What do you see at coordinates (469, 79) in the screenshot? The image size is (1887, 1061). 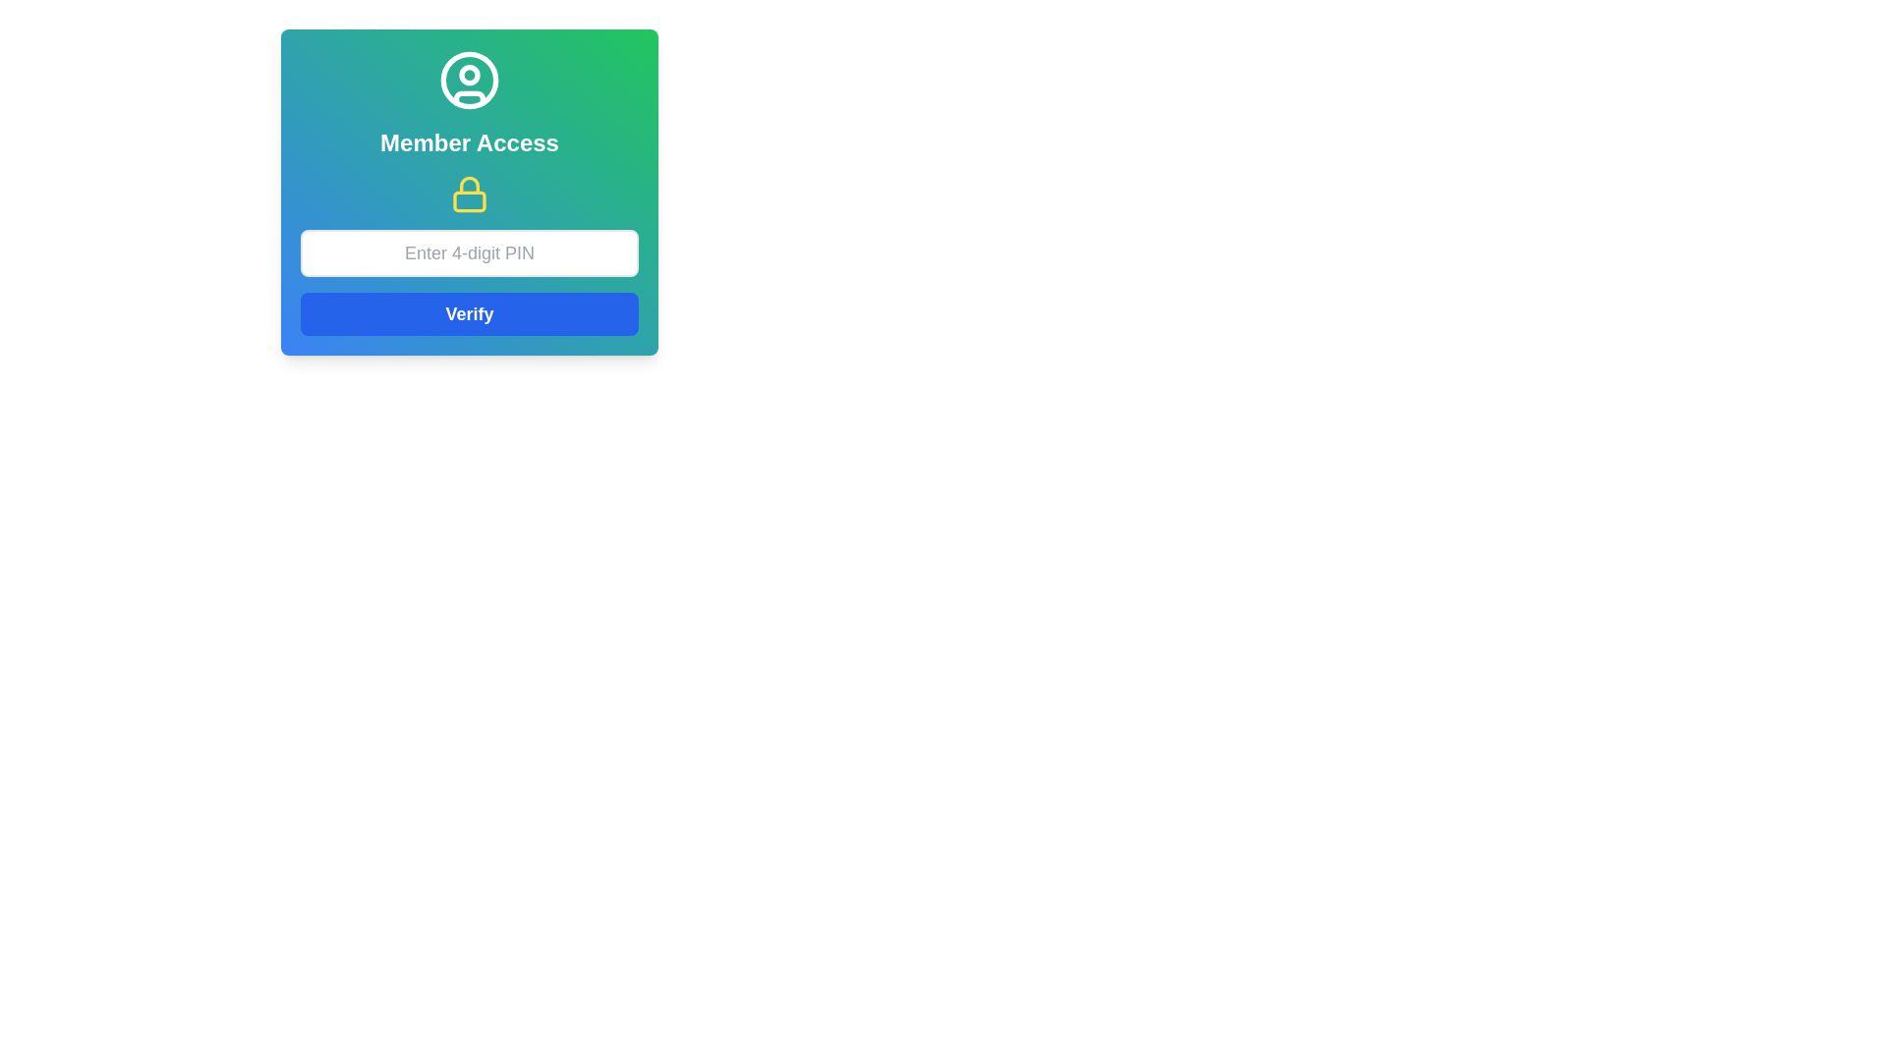 I see `the decorative circle icon located at the top of the card, above the 'Member Access' title, which is centrally aligned within the card` at bounding box center [469, 79].